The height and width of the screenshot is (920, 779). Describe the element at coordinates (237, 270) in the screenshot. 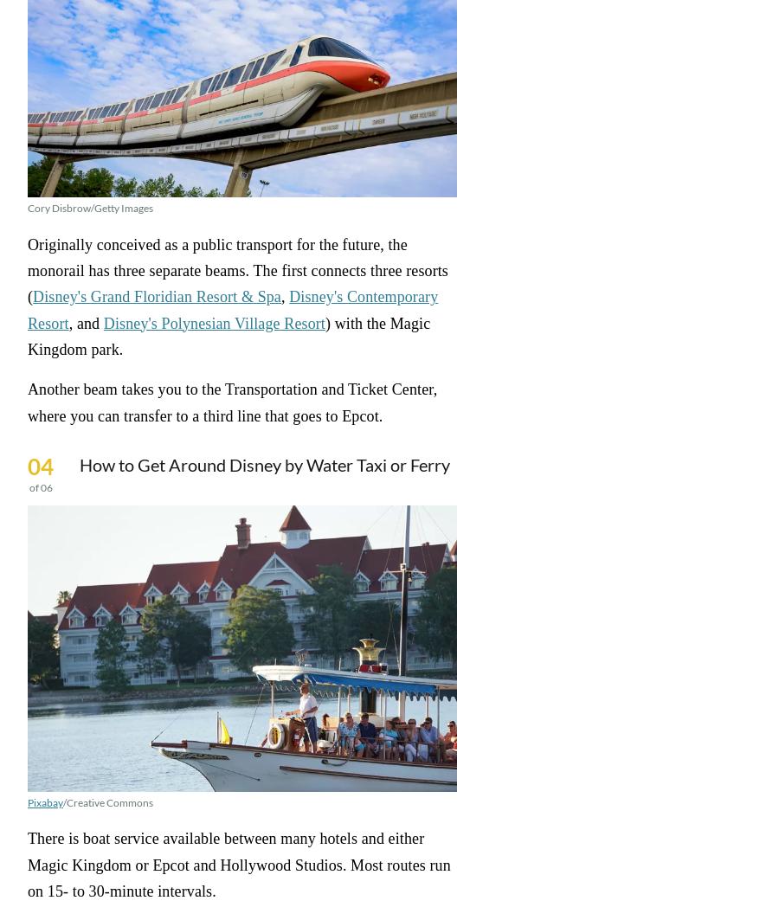

I see `'Originally conceived as a public transport for the future, the monorail has three separate beams. The first connects three resorts ('` at that location.